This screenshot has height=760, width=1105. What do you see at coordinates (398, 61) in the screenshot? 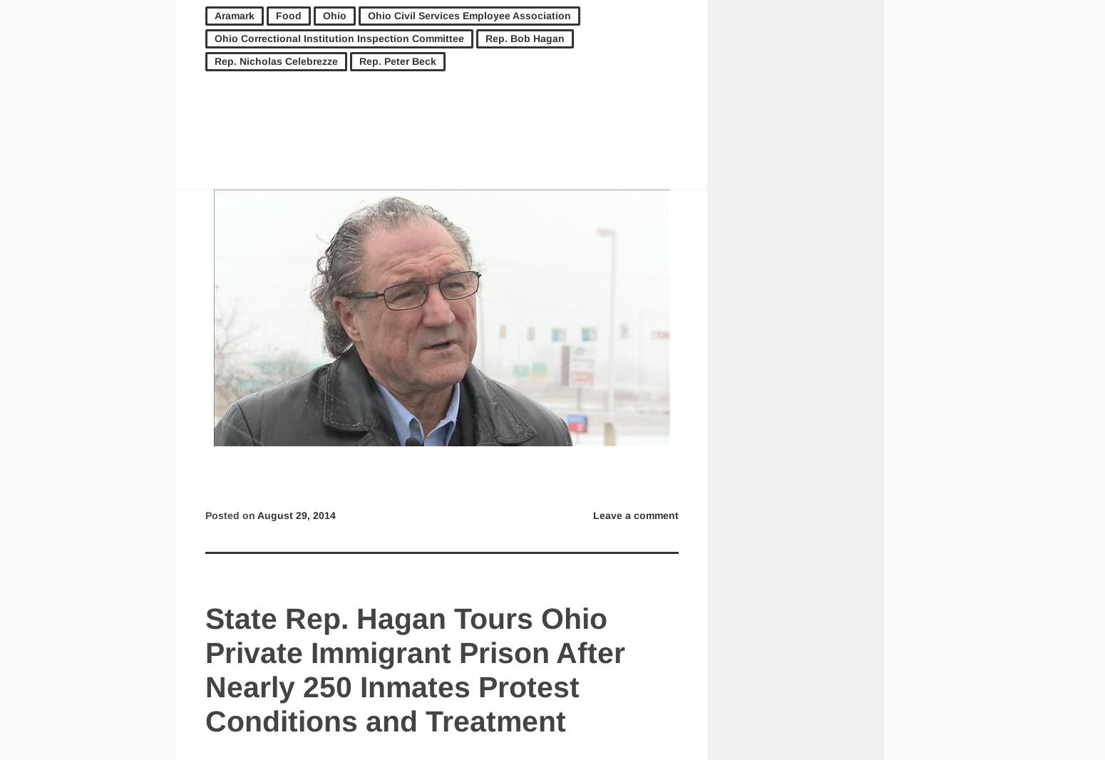
I see `'Rep. Peter Beck'` at bounding box center [398, 61].